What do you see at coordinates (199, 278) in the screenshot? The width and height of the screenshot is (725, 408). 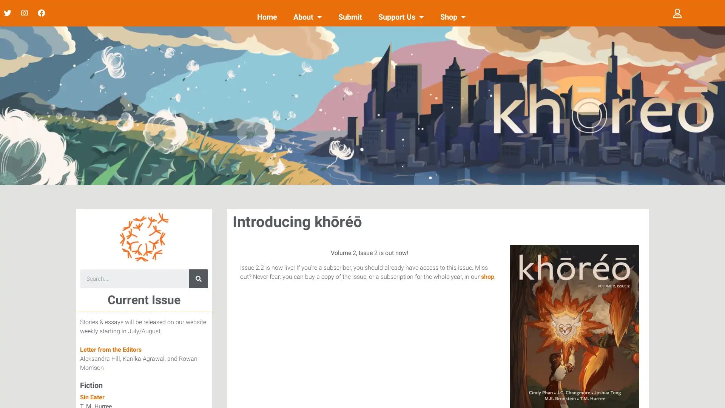 I see `Search` at bounding box center [199, 278].